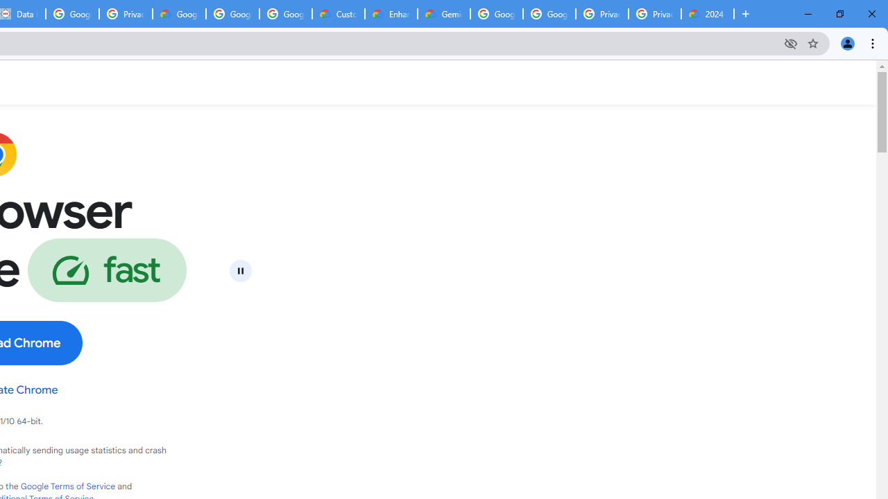 This screenshot has width=888, height=499. I want to click on 'Google Terms of Service', so click(67, 486).